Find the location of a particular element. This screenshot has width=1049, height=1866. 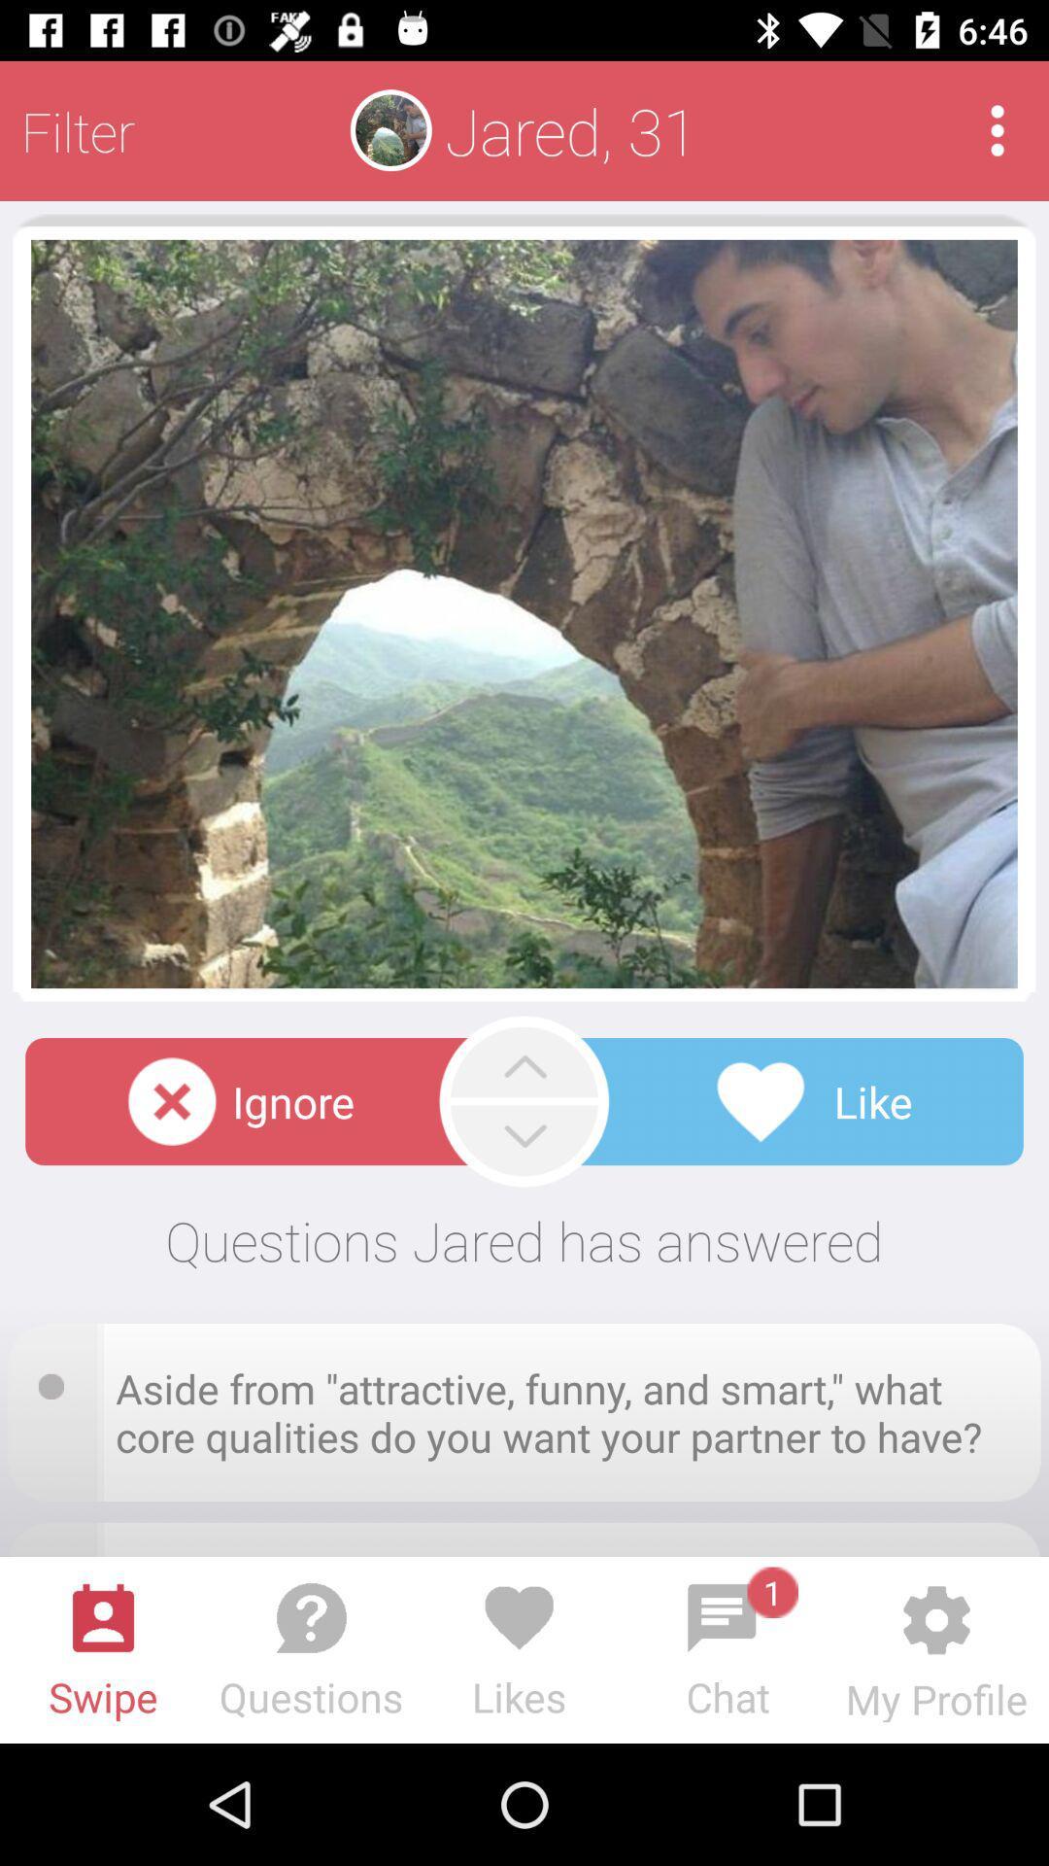

item to the left of aside from attractive icon is located at coordinates (56, 1379).